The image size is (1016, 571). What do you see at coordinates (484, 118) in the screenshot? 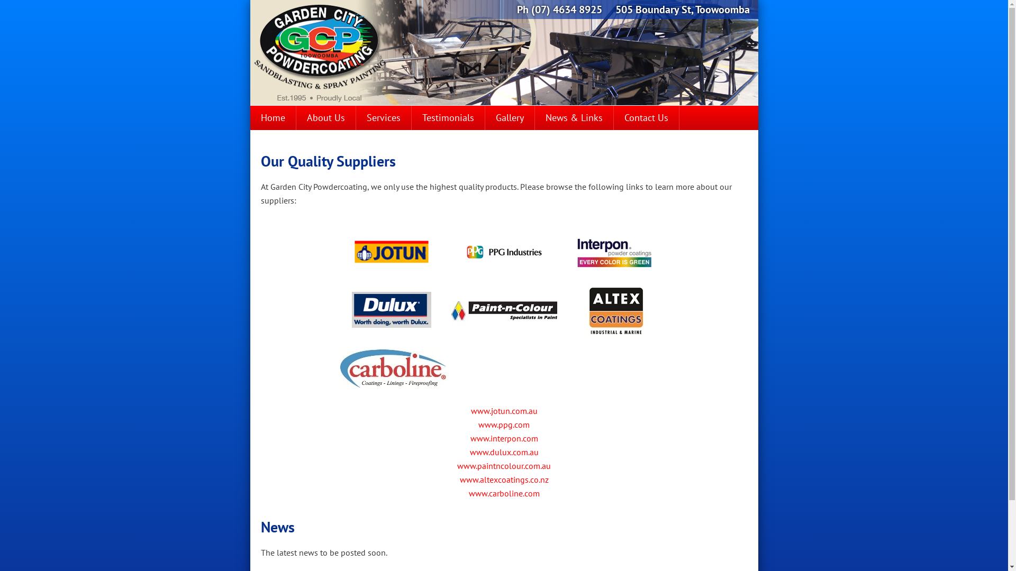
I see `'Gallery'` at bounding box center [484, 118].